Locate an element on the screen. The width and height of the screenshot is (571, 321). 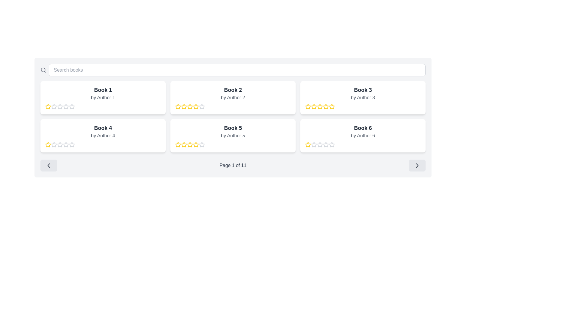
the highlighted yellow star icon in the rating system of the 'Book 3' card to set or toggle the rating is located at coordinates (308, 106).